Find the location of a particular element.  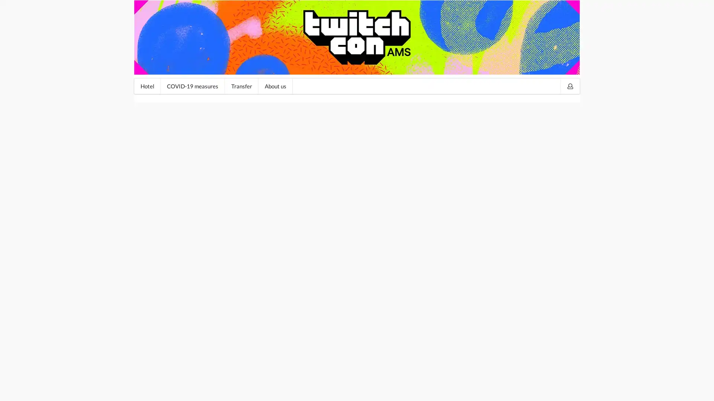

Customise Settings is located at coordinates (457, 389).